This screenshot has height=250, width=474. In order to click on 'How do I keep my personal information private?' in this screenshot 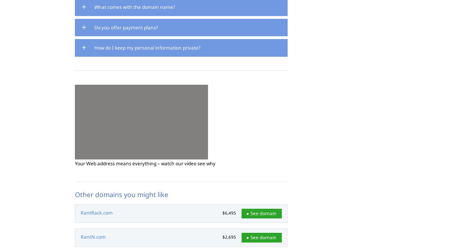, I will do `click(146, 47)`.